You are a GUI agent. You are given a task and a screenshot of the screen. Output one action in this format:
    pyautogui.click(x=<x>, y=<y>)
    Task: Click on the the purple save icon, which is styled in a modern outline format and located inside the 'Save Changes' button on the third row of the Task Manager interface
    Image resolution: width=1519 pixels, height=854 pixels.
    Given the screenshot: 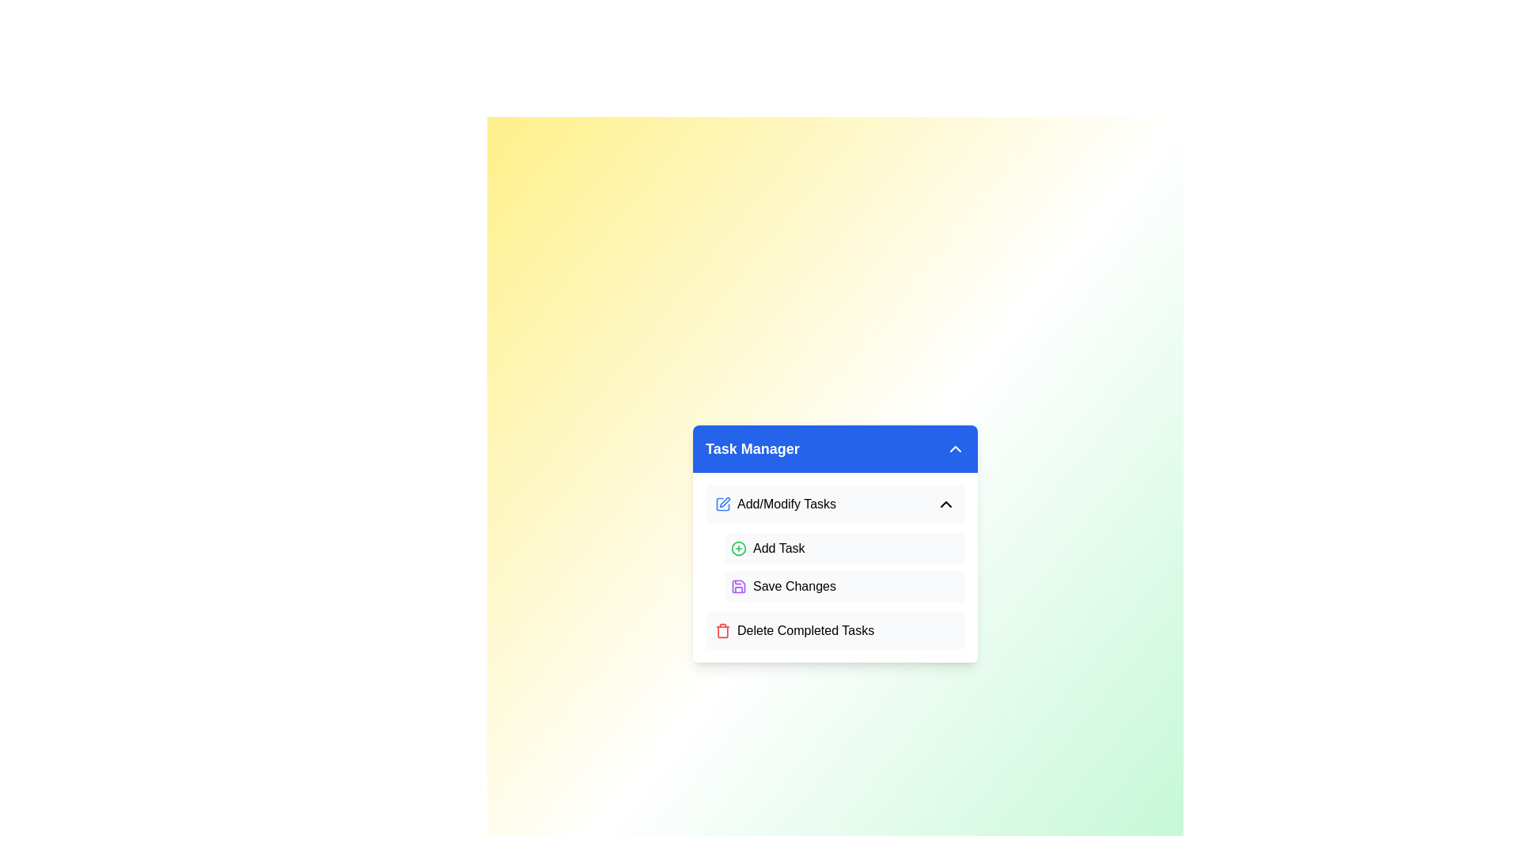 What is the action you would take?
    pyautogui.click(x=738, y=586)
    